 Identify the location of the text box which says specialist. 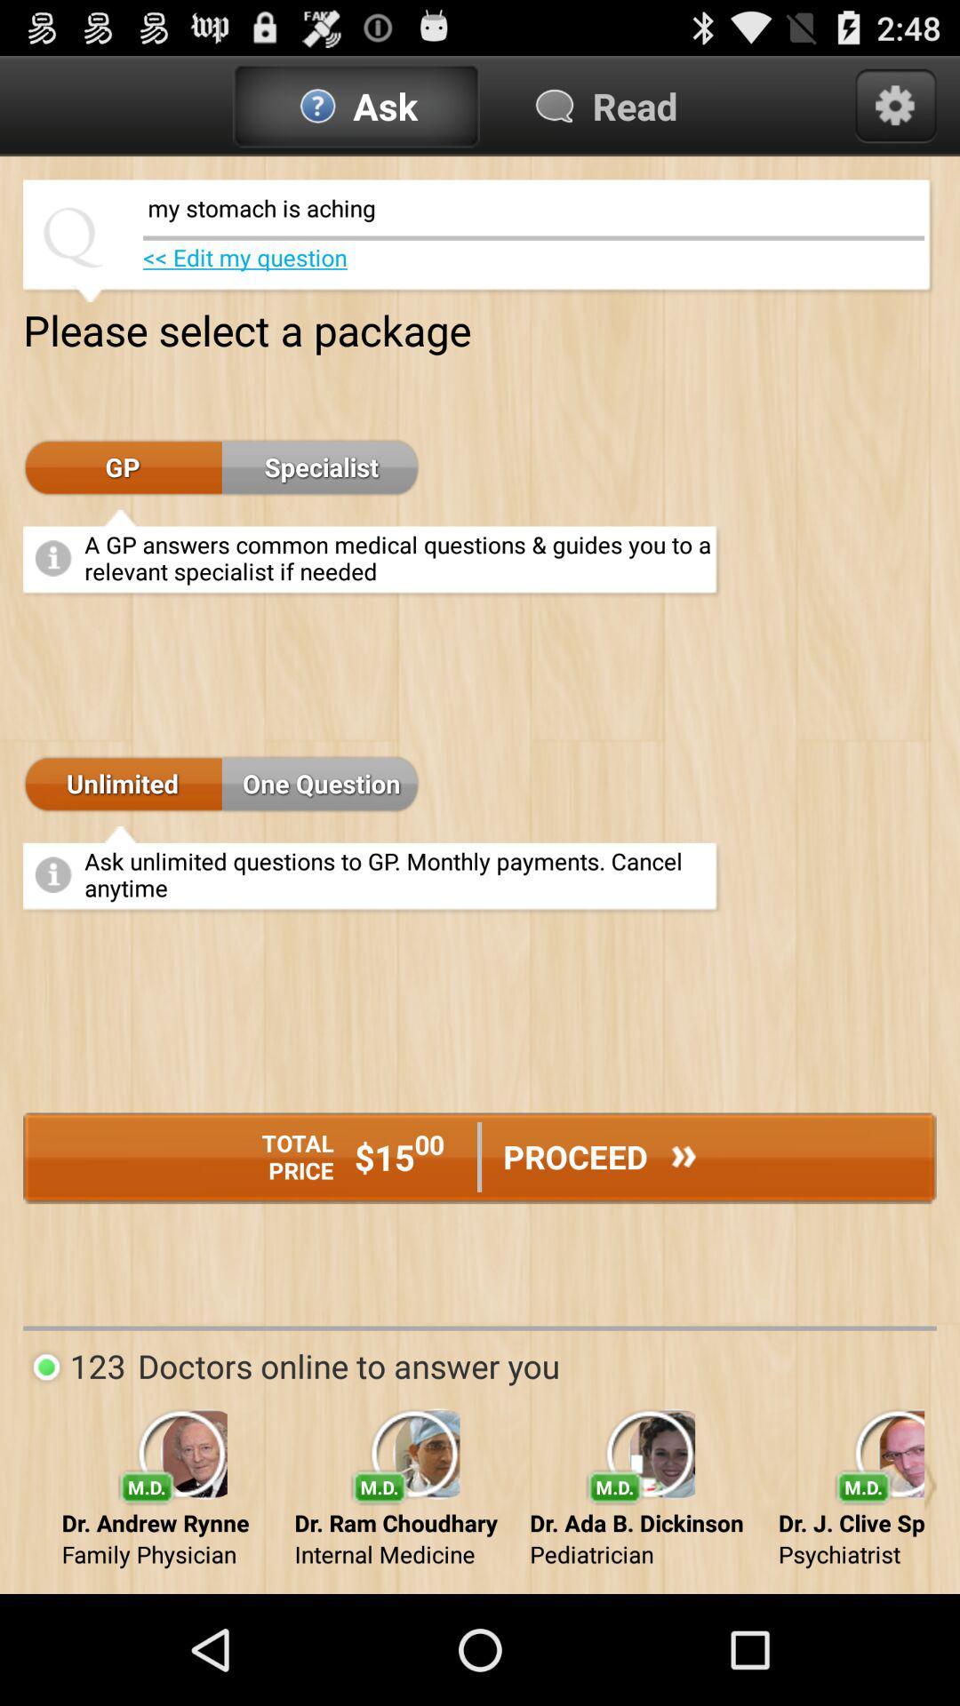
(321, 468).